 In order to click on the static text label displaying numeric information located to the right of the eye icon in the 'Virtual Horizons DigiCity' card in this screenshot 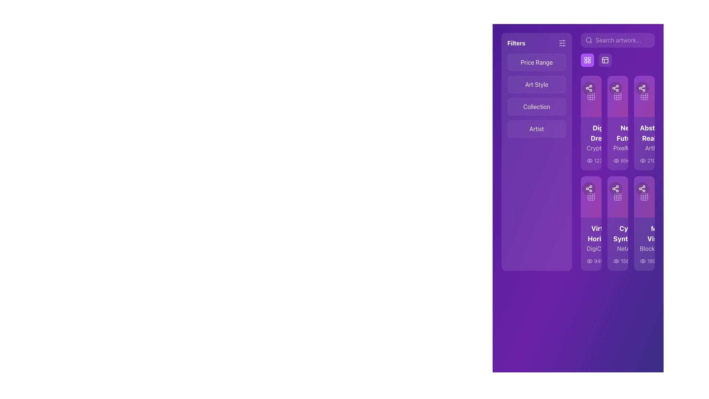, I will do `click(599, 260)`.